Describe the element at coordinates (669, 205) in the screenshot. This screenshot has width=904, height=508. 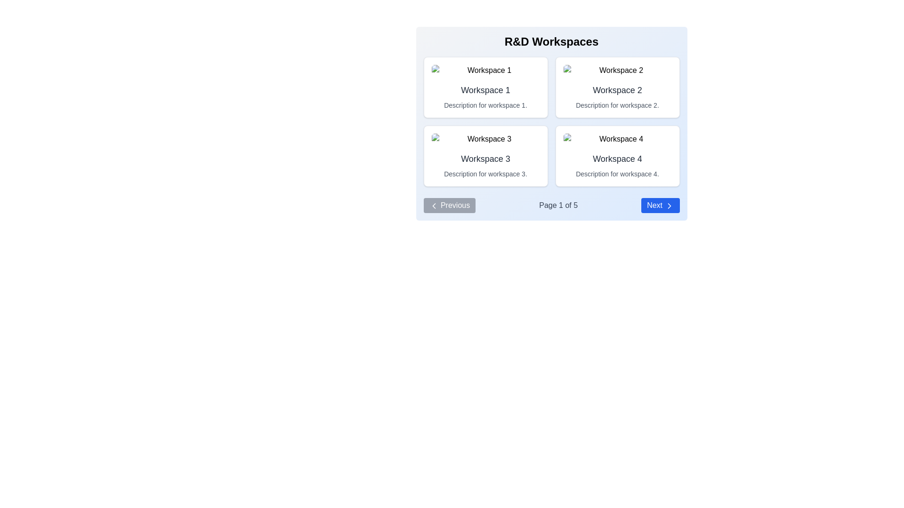
I see `the navigation icon located inside the blue rectangular button labeled 'Next' at the bottom-right corner of the page` at that location.